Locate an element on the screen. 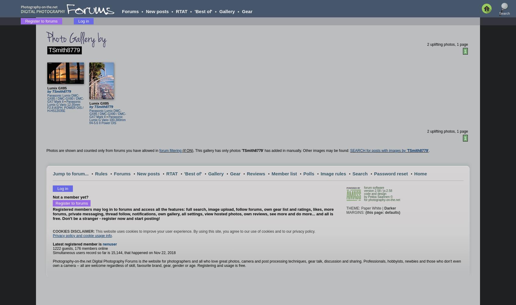 The width and height of the screenshot is (516, 305). 'Member list' is located at coordinates (284, 173).